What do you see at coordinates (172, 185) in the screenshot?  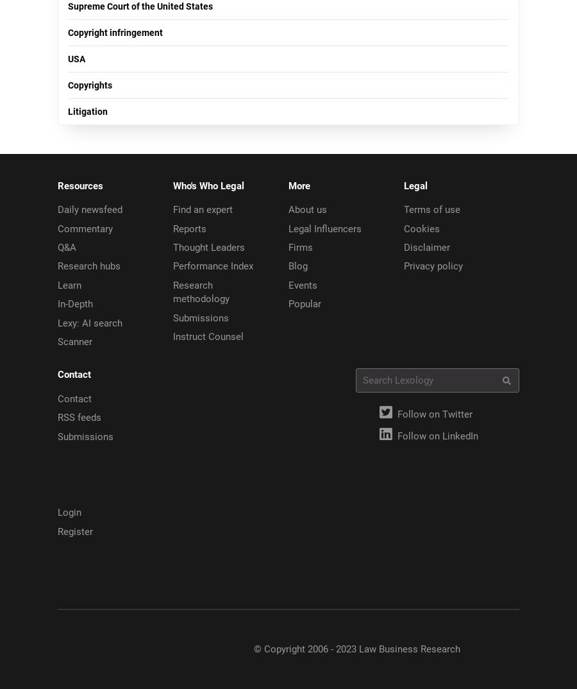 I see `'Who's Who Legal'` at bounding box center [172, 185].